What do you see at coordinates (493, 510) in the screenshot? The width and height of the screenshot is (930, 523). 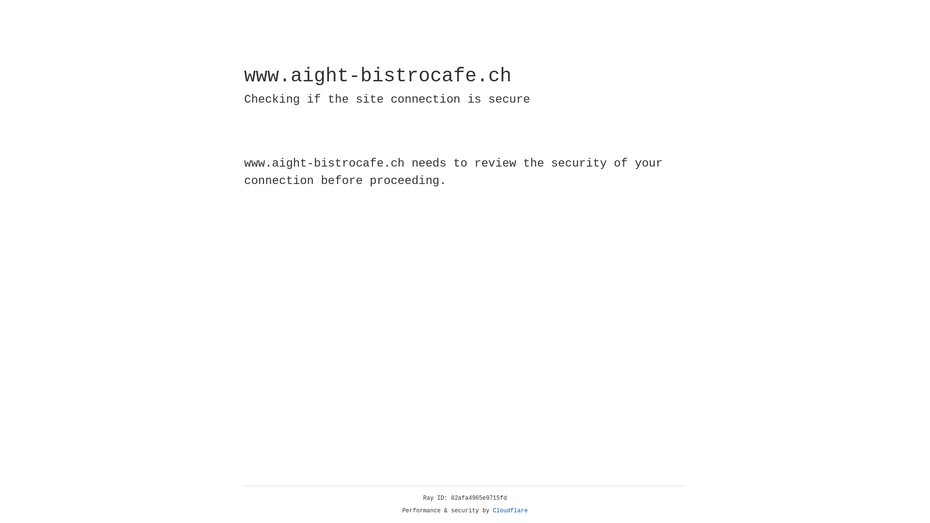 I see `'Cloudflare'` at bounding box center [493, 510].